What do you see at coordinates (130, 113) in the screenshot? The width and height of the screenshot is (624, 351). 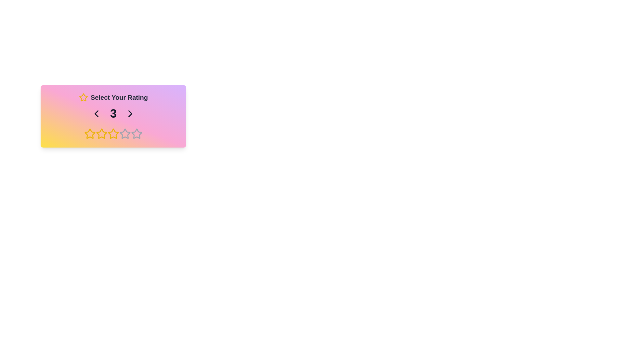 I see `the right-pointing chevron button` at bounding box center [130, 113].